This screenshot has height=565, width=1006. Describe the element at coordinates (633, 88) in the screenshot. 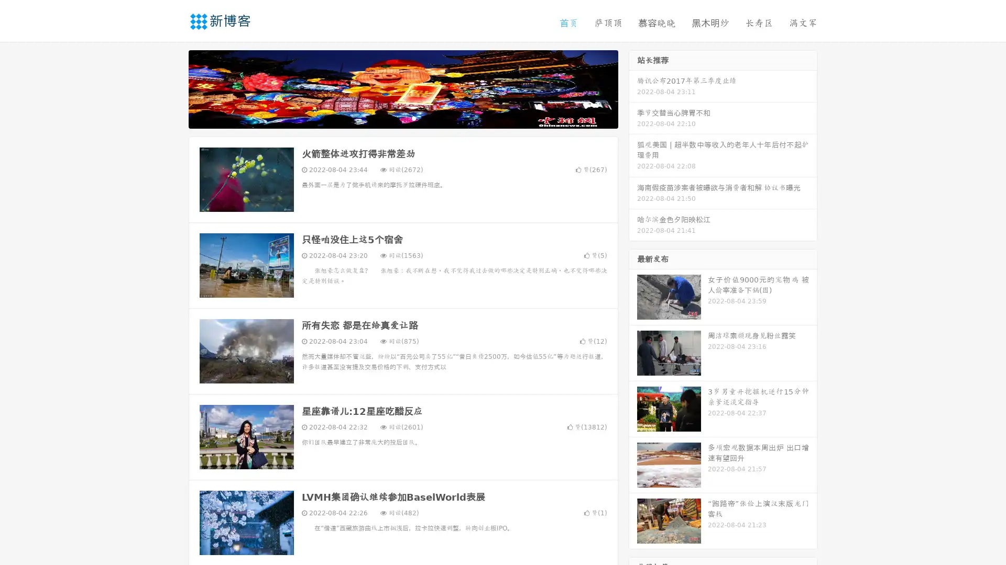

I see `Next slide` at that location.